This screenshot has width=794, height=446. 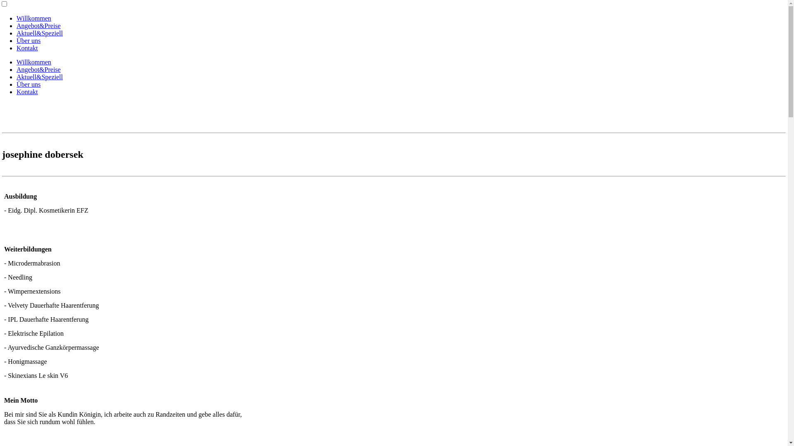 I want to click on 'Angebot&Preise', so click(x=16, y=69).